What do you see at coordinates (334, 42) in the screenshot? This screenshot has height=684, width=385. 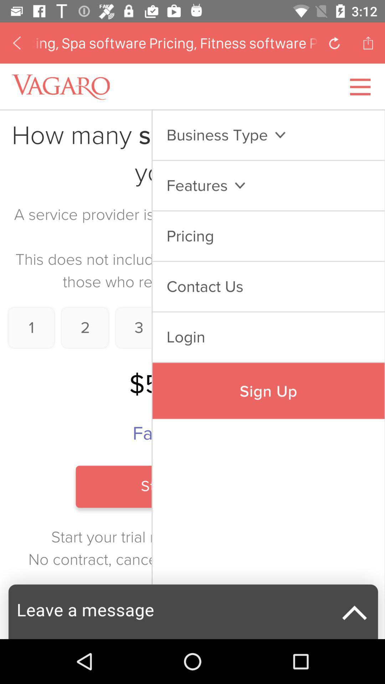 I see `refresh the page` at bounding box center [334, 42].